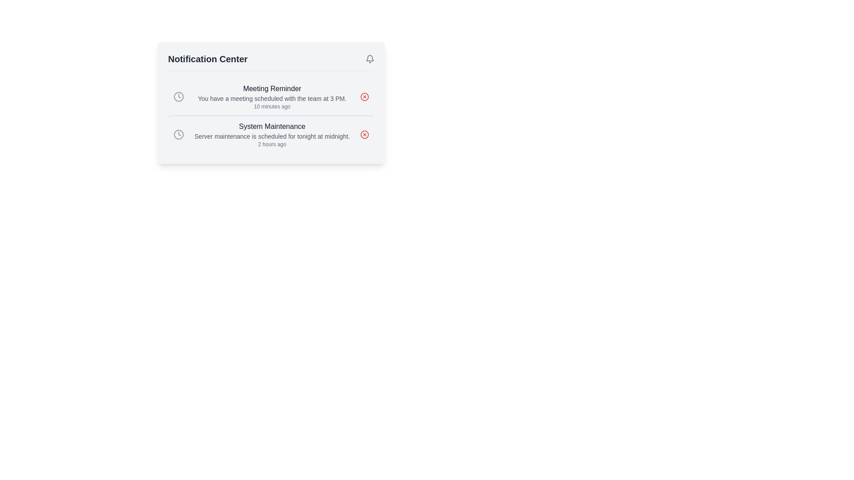 This screenshot has width=854, height=480. I want to click on the central circular part of the 'Meeting Reminder' notification icon, so click(365, 97).